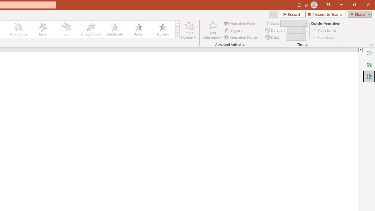 This screenshot has width=375, height=211. Describe the element at coordinates (240, 23) in the screenshot. I see `'Animation Pane'` at that location.